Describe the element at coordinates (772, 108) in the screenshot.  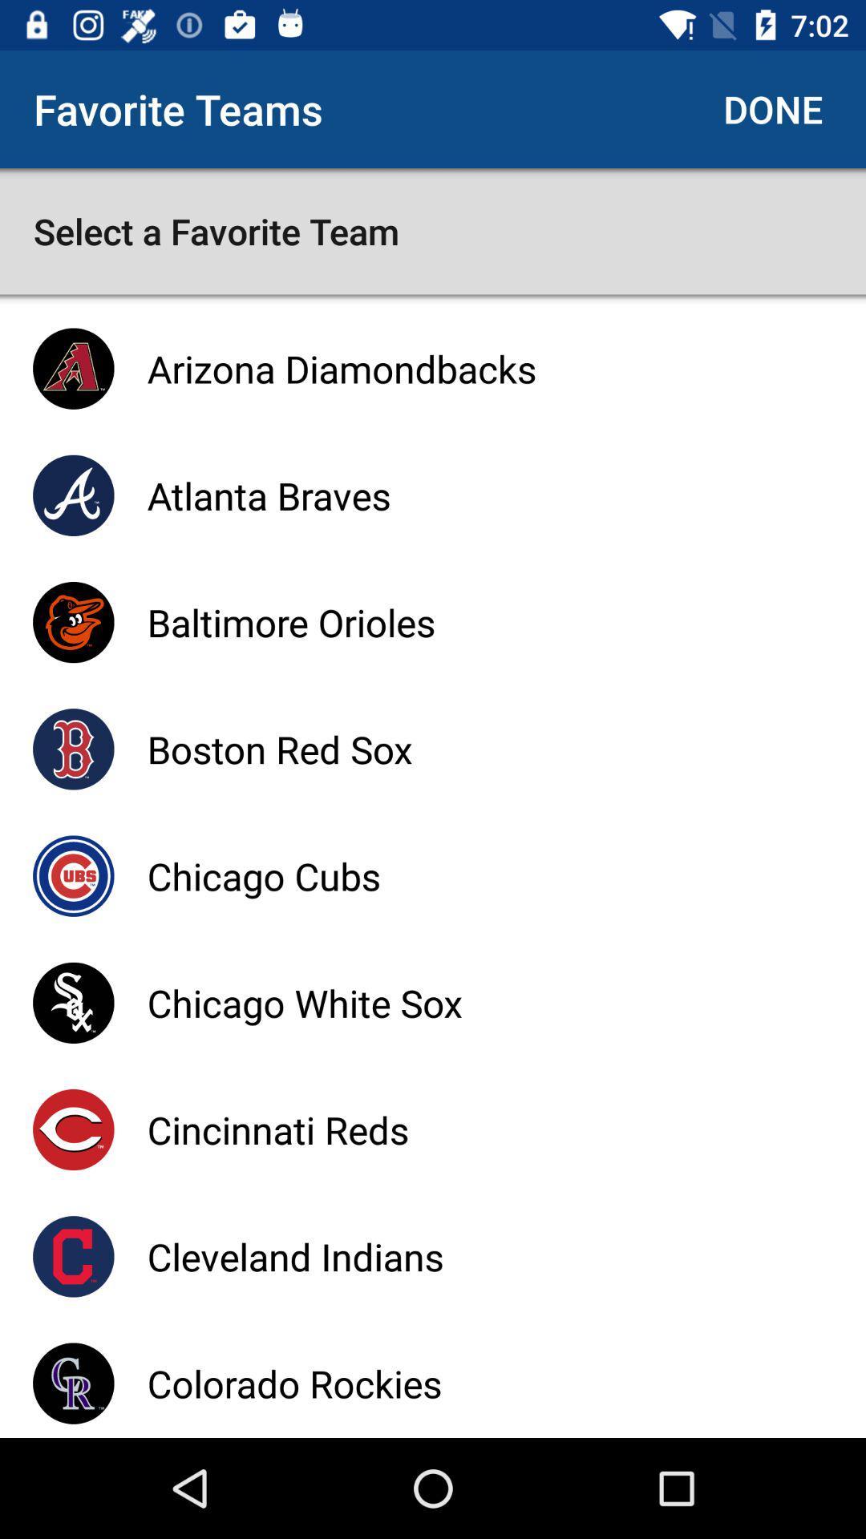
I see `app next to favorite teams` at that location.